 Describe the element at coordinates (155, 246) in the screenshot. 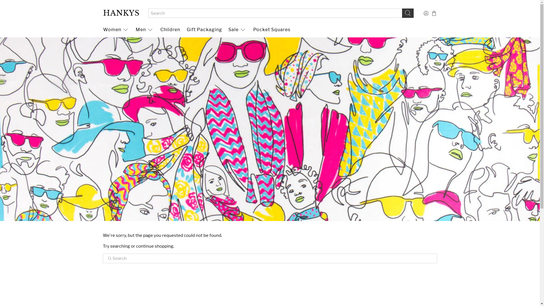

I see `'continue shopping'` at that location.